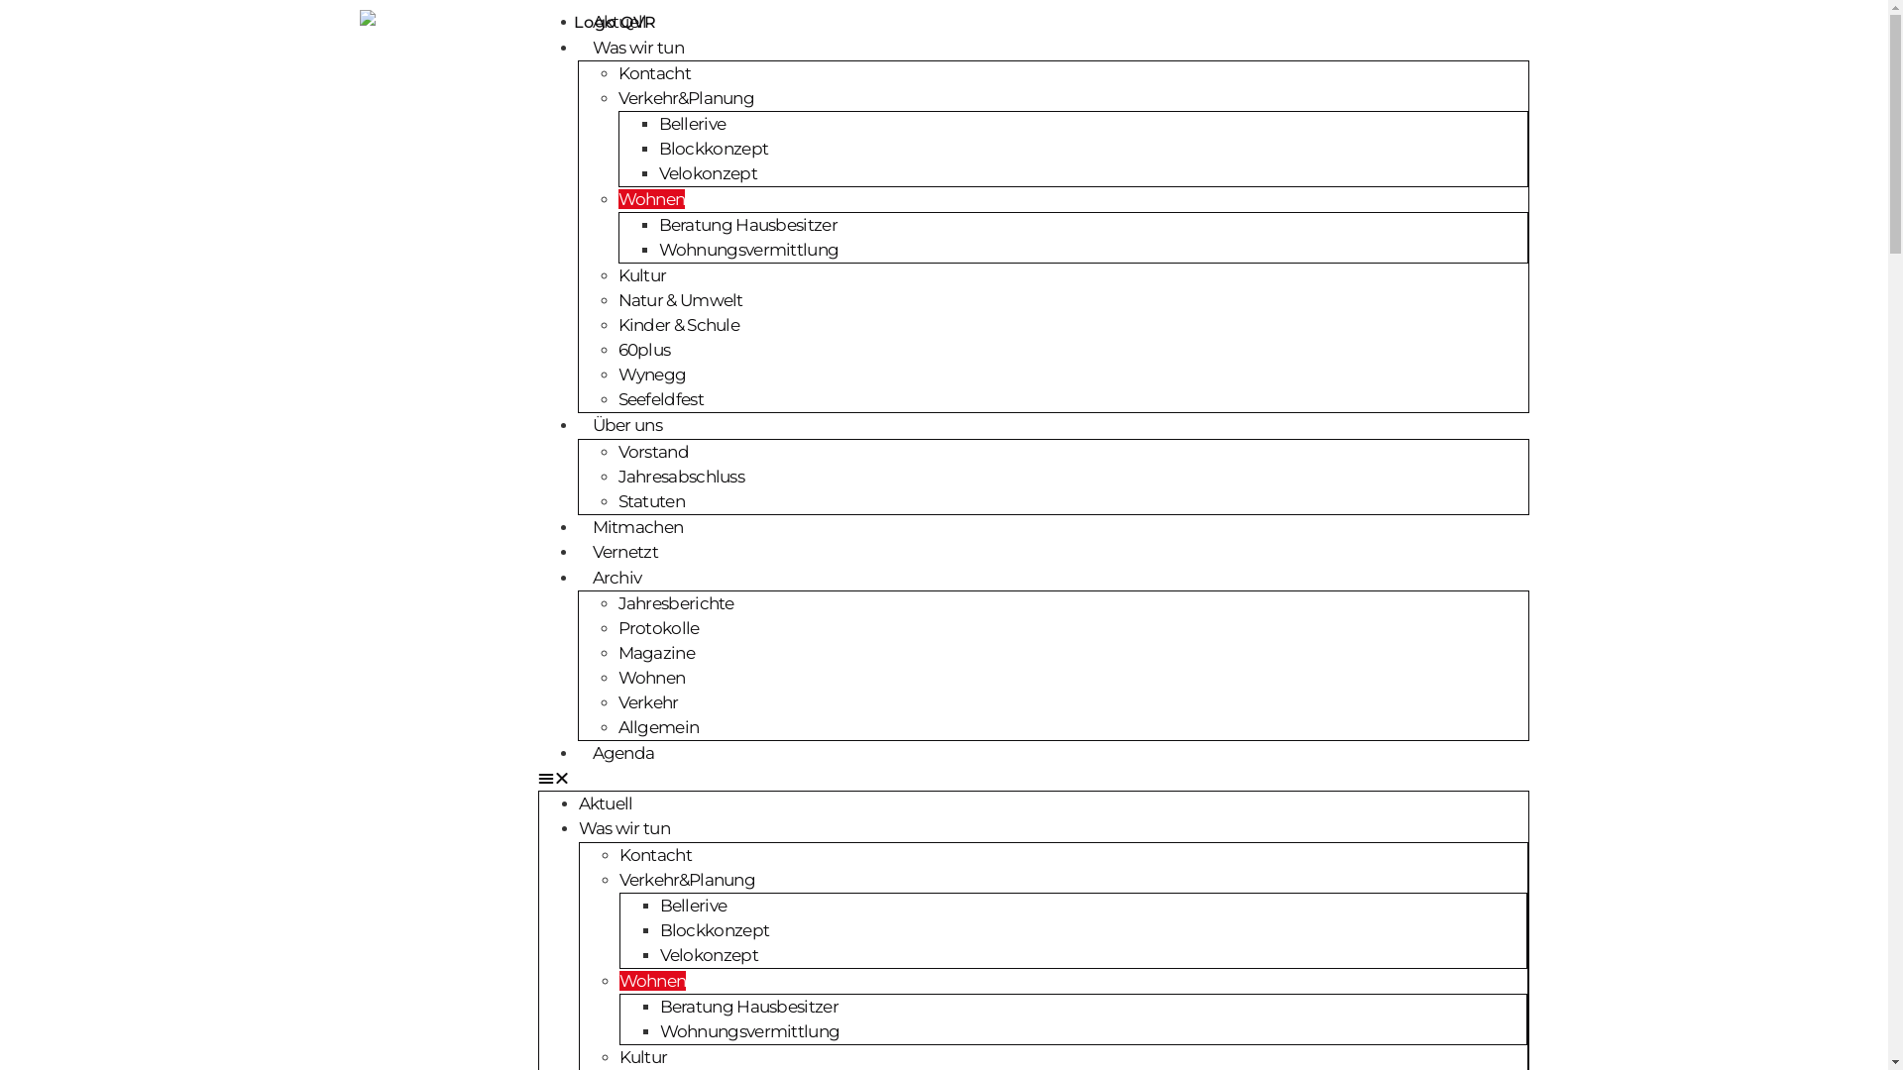  I want to click on 'Wynegg', so click(652, 374).